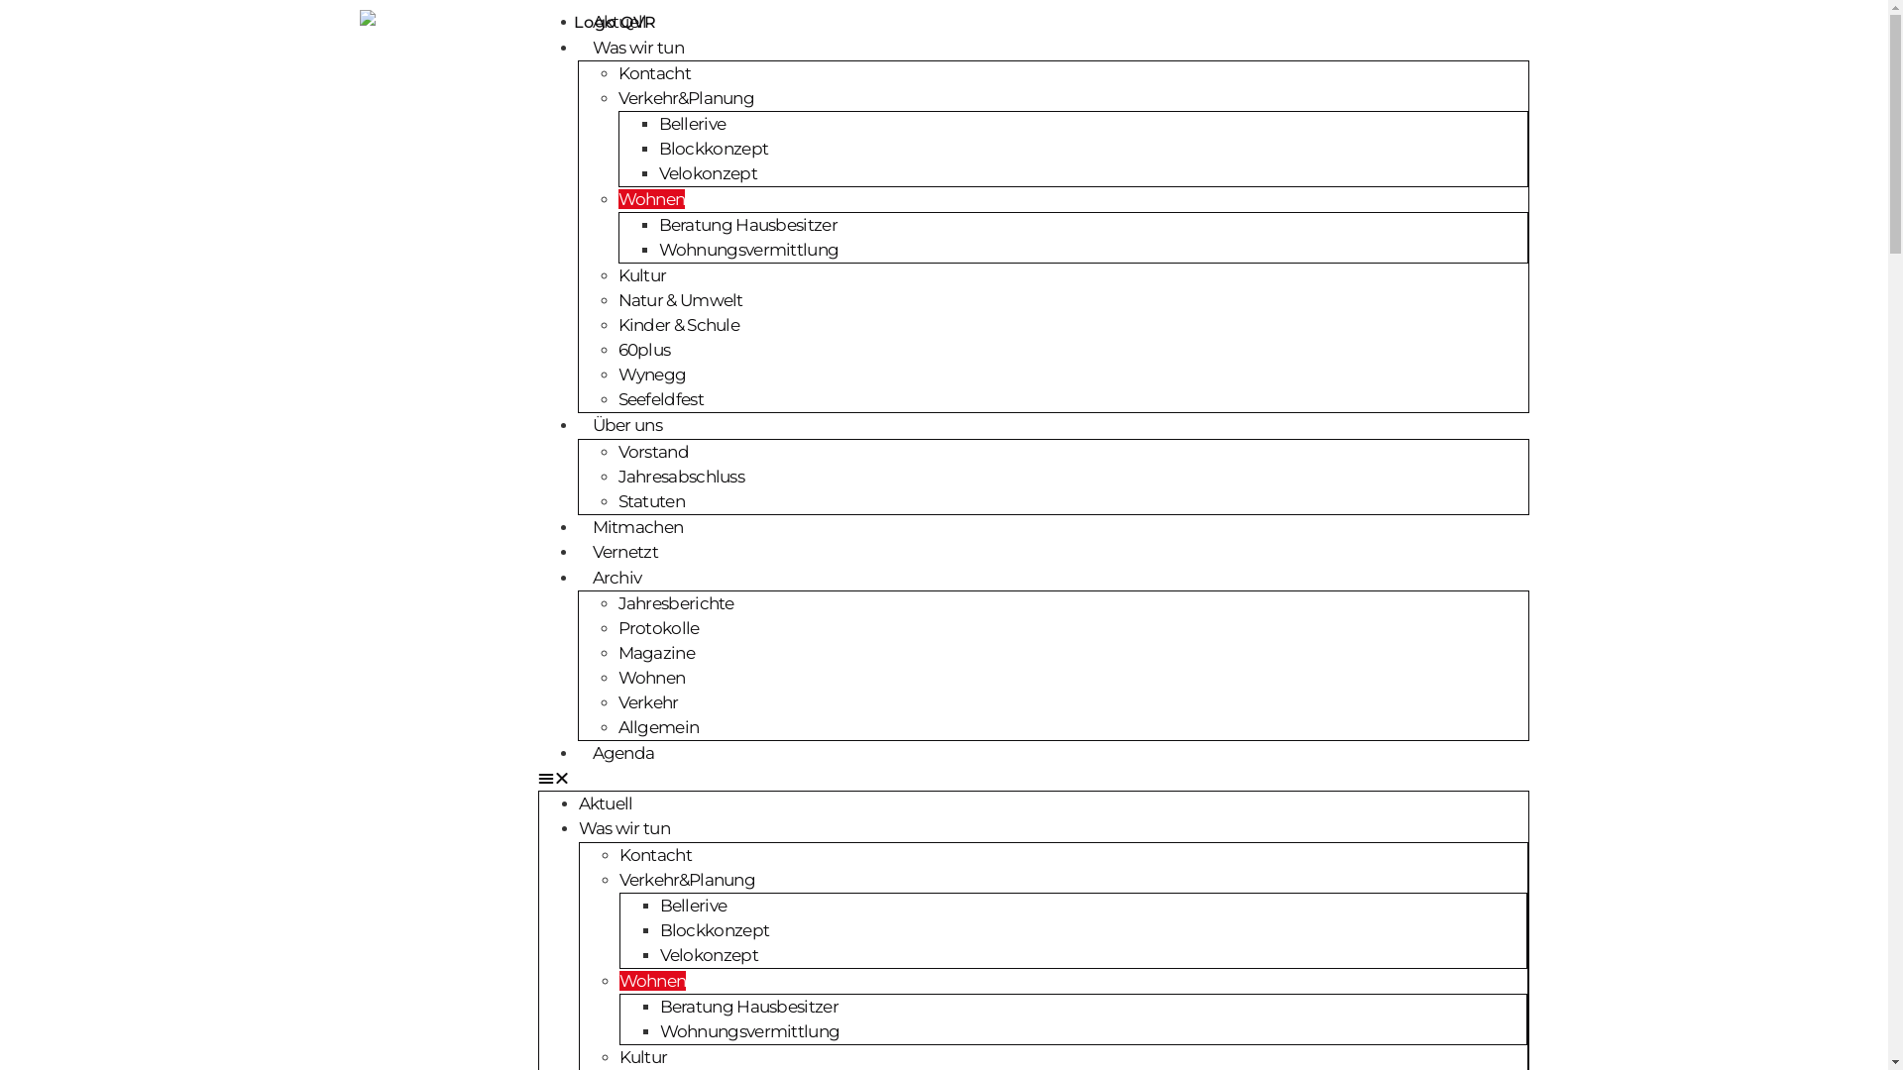  I want to click on 'Wynegg', so click(652, 374).